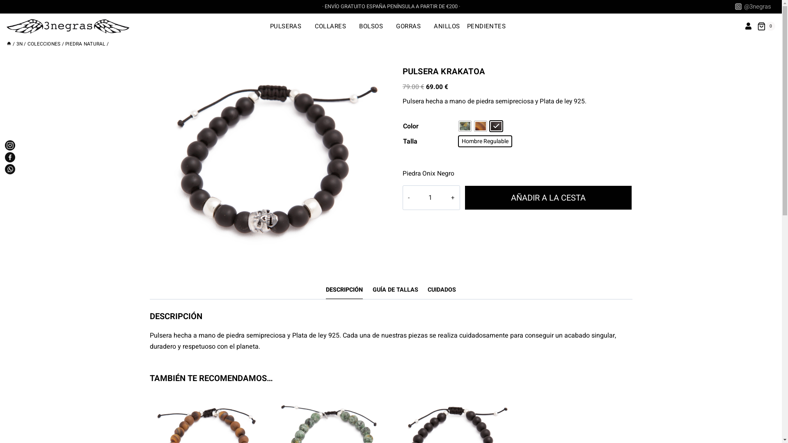  Describe the element at coordinates (374, 26) in the screenshot. I see `'BOLSOS'` at that location.